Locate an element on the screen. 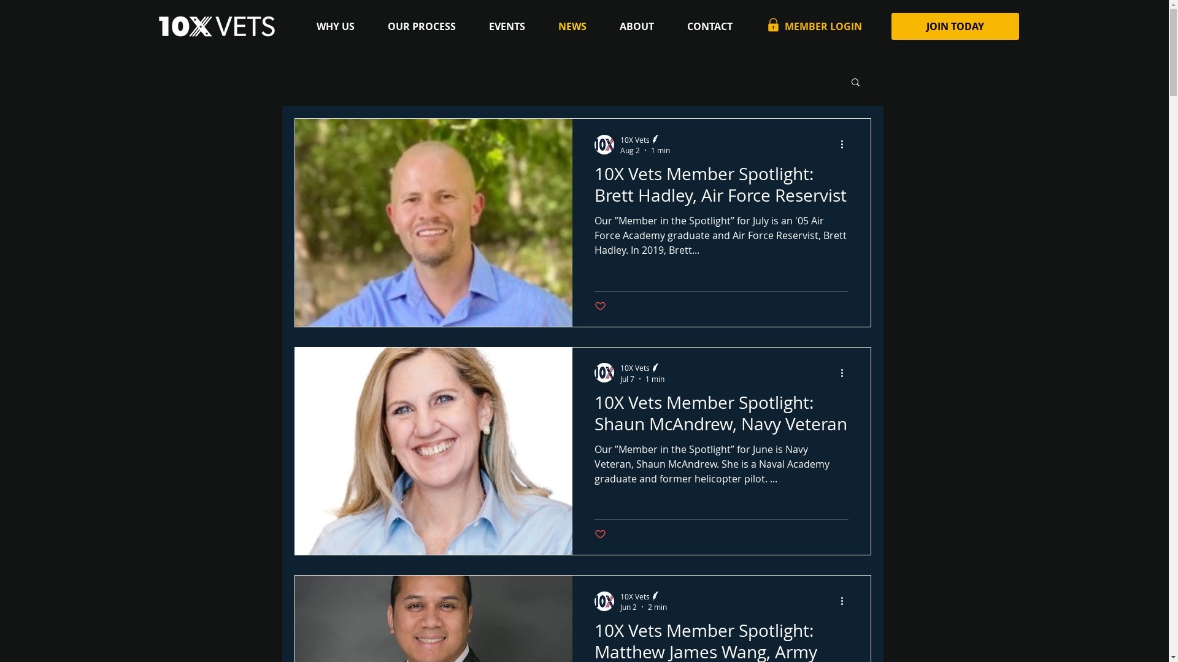 Image resolution: width=1178 pixels, height=662 pixels. 'CONTACT' is located at coordinates (716, 26).